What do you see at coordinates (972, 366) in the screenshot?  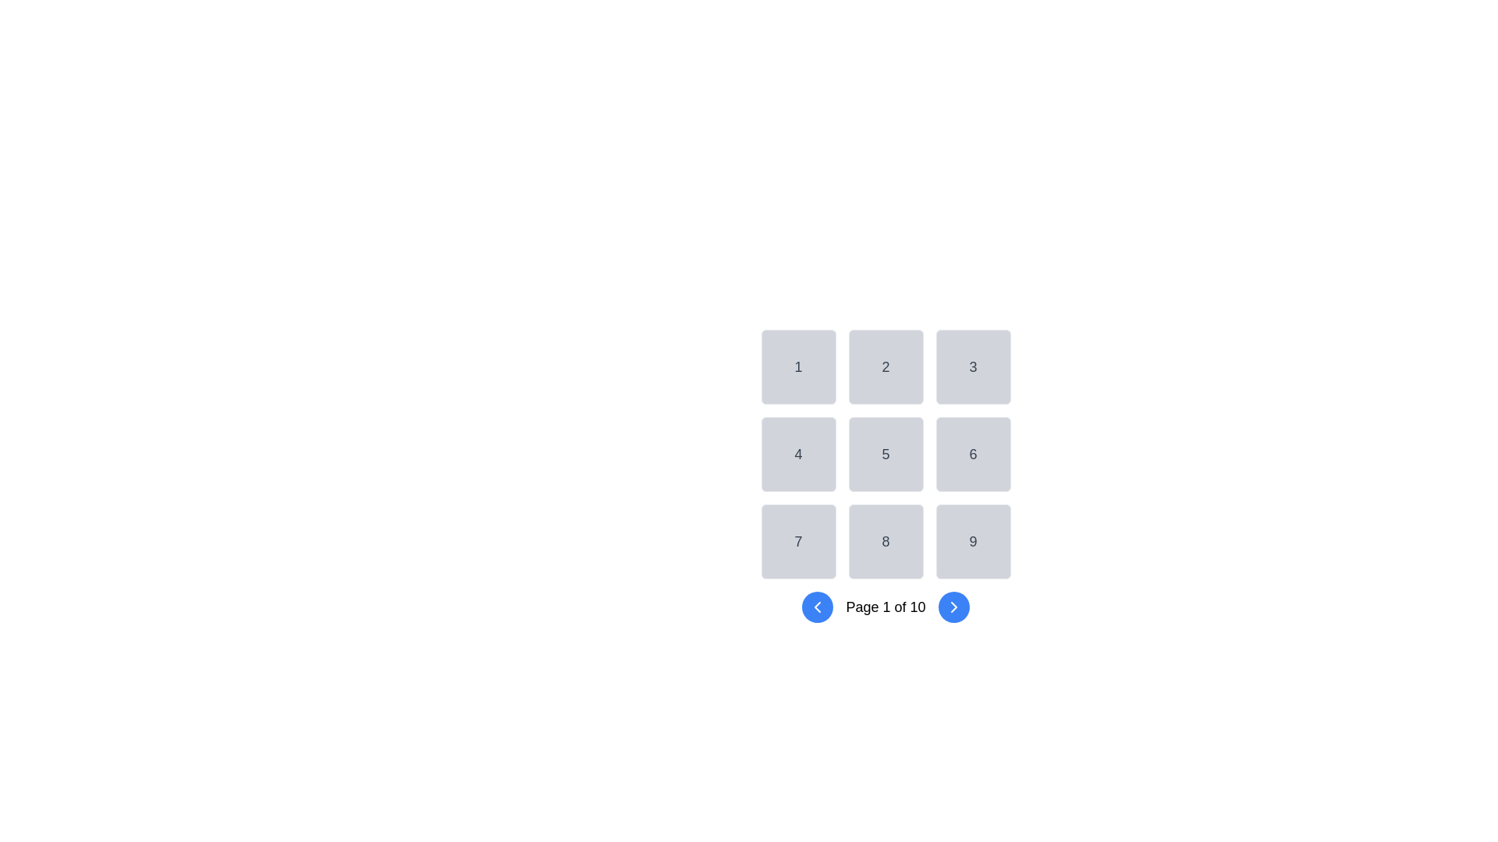 I see `the grid cell located in the first row and third column of the numeric keypad` at bounding box center [972, 366].